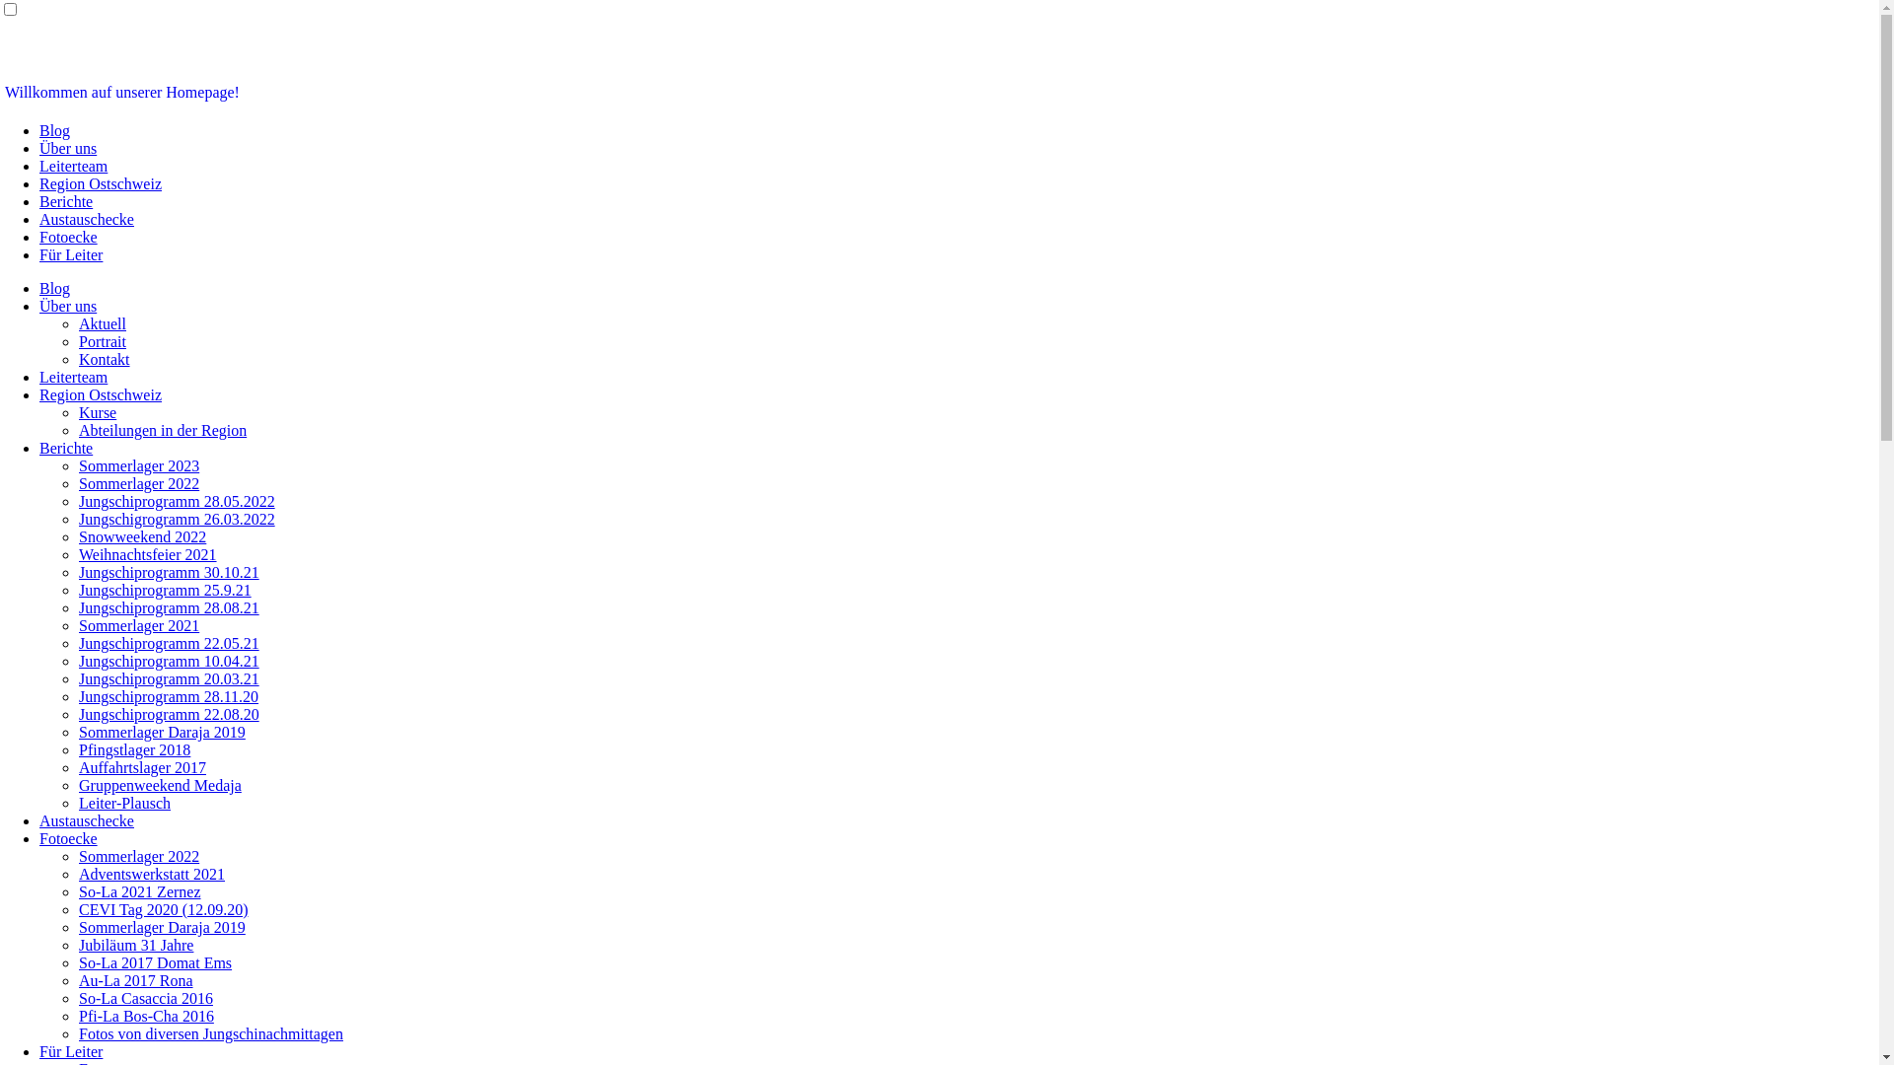  What do you see at coordinates (146, 554) in the screenshot?
I see `'Weihnachtsfeier 2021'` at bounding box center [146, 554].